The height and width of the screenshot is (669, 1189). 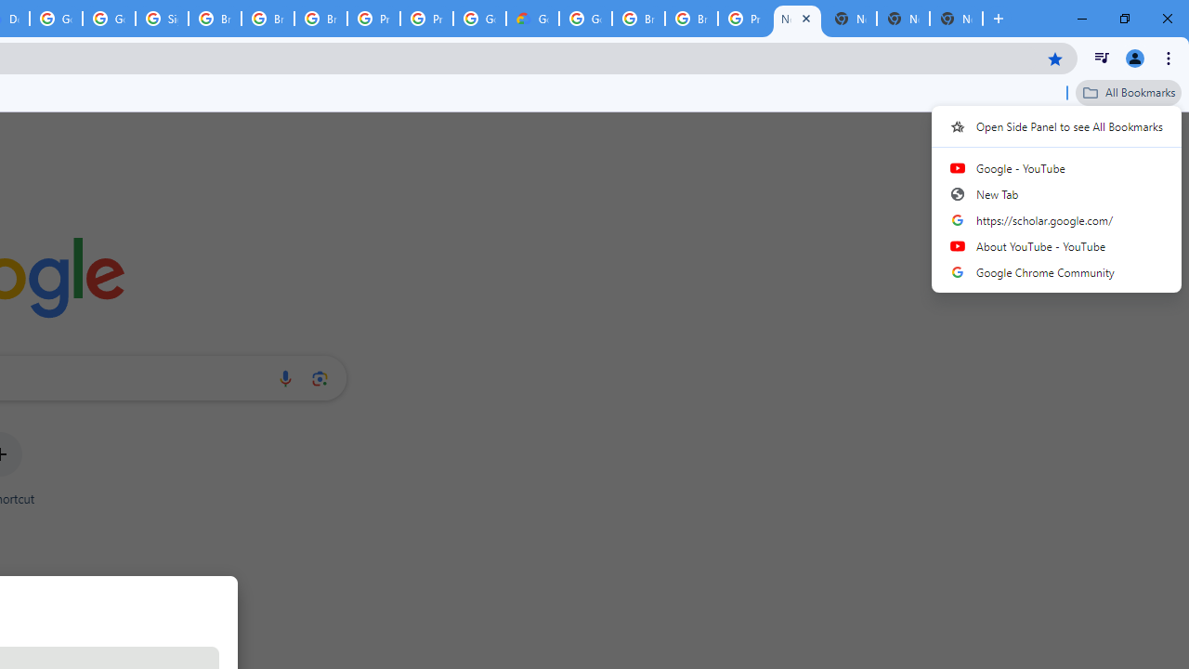 I want to click on 'Browse Chrome as a guest - Computer - Google Chrome Help', so click(x=690, y=19).